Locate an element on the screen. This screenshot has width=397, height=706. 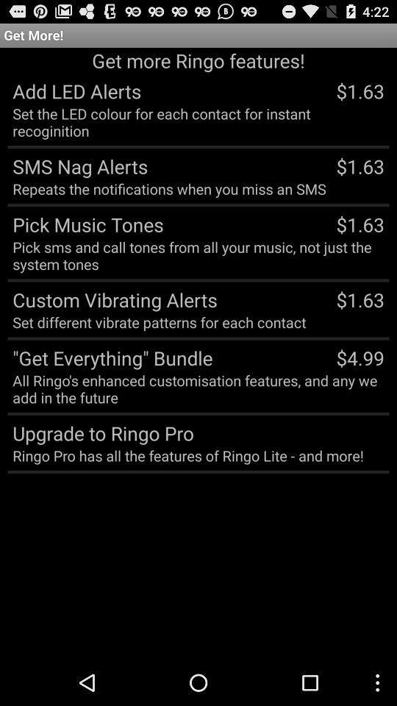
app below $1.63 icon is located at coordinates (360, 357).